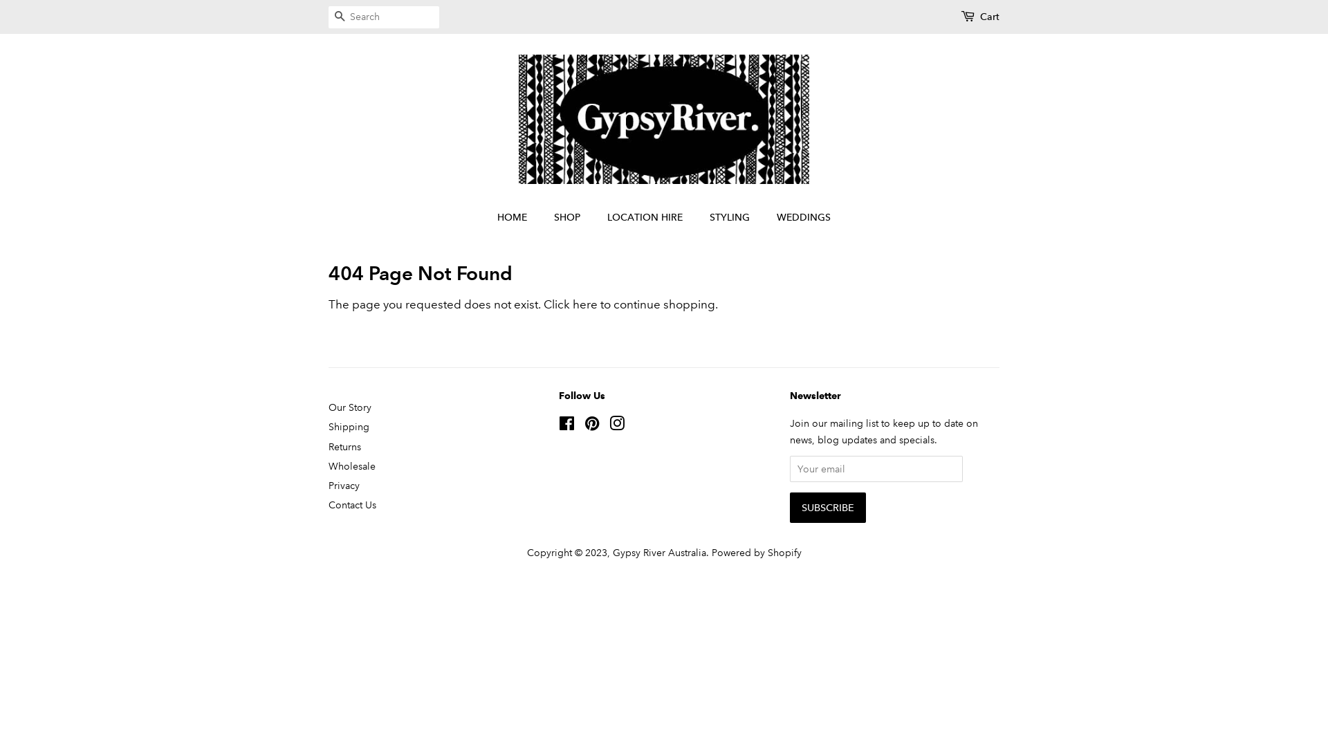 This screenshot has width=1328, height=747. Describe the element at coordinates (798, 218) in the screenshot. I see `'WEDDINGS'` at that location.